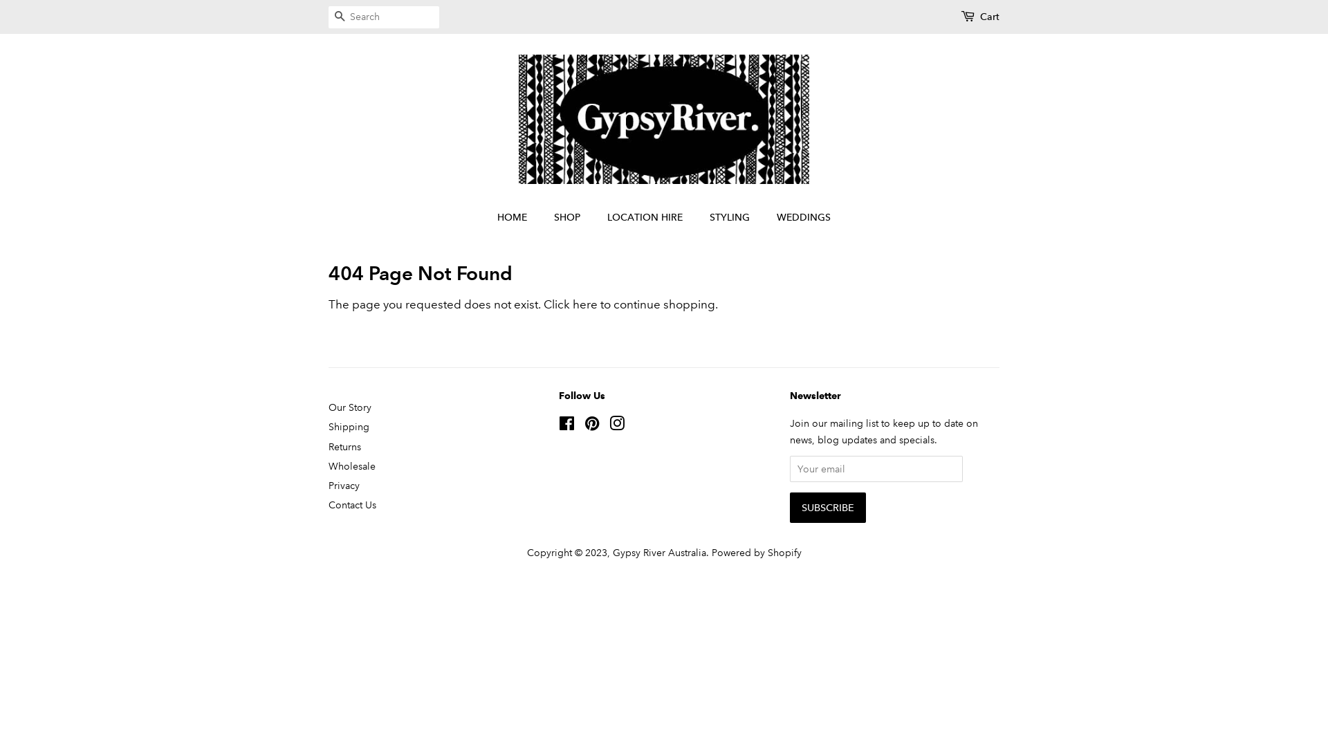 This screenshot has width=1328, height=747. Describe the element at coordinates (798, 218) in the screenshot. I see `'WEDDINGS'` at that location.